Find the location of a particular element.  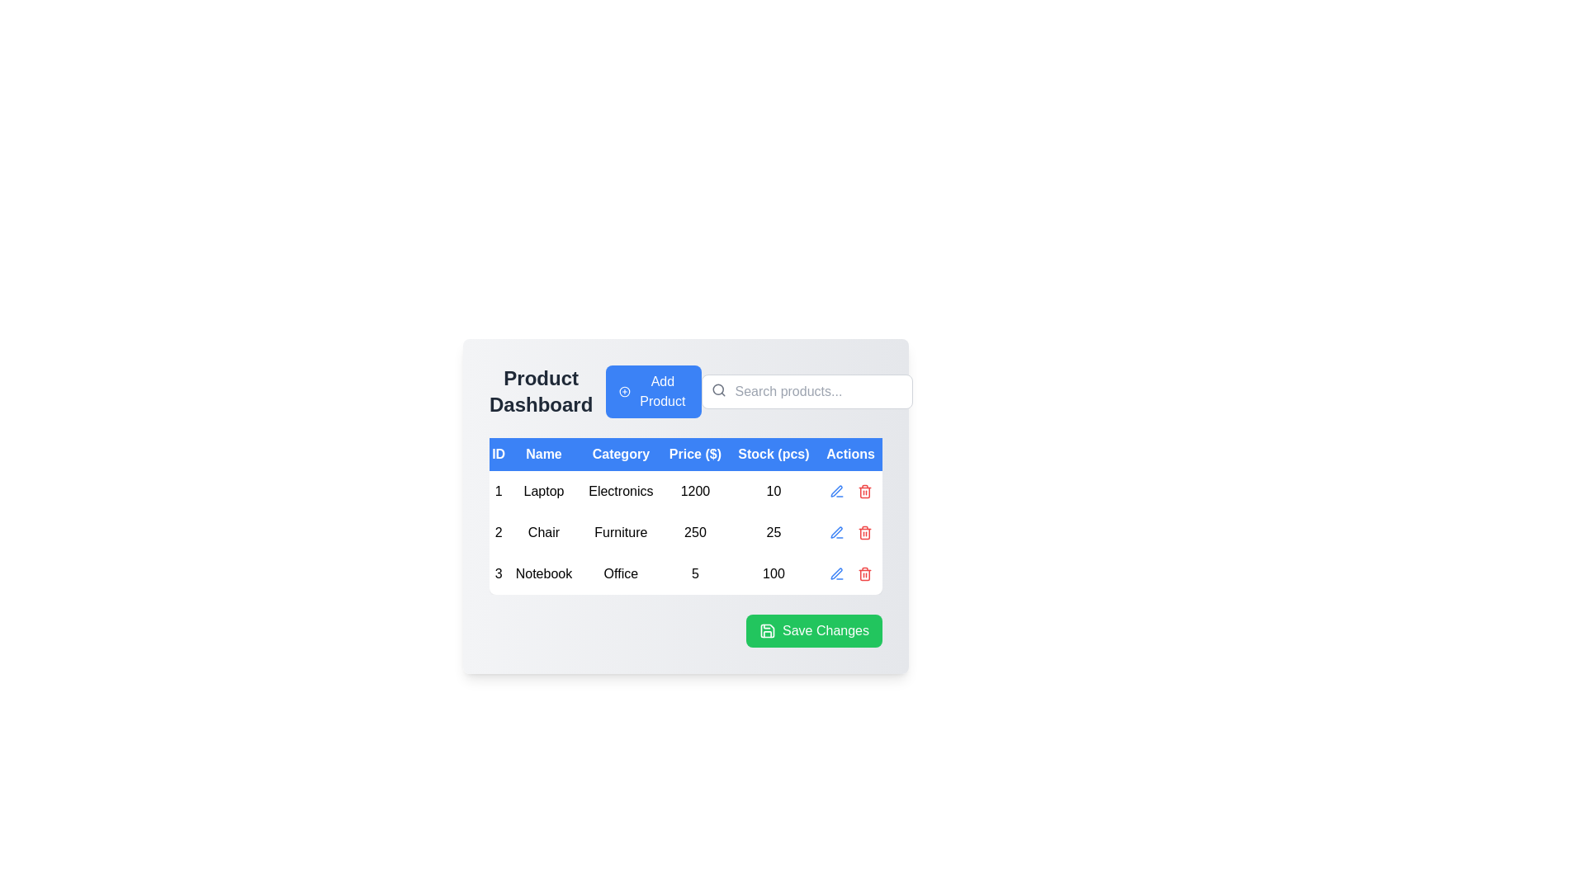

the 'Price ($)' text label, which is the fourth column header in a six-column table, positioned above the 'Price' data with a blue background is located at coordinates (695, 455).